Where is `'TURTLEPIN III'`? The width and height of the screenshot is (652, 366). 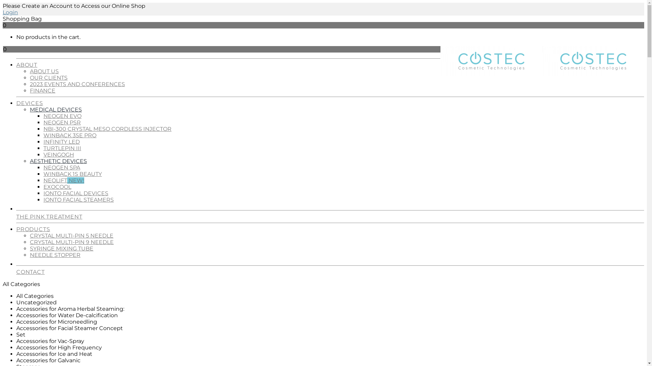
'TURTLEPIN III' is located at coordinates (62, 148).